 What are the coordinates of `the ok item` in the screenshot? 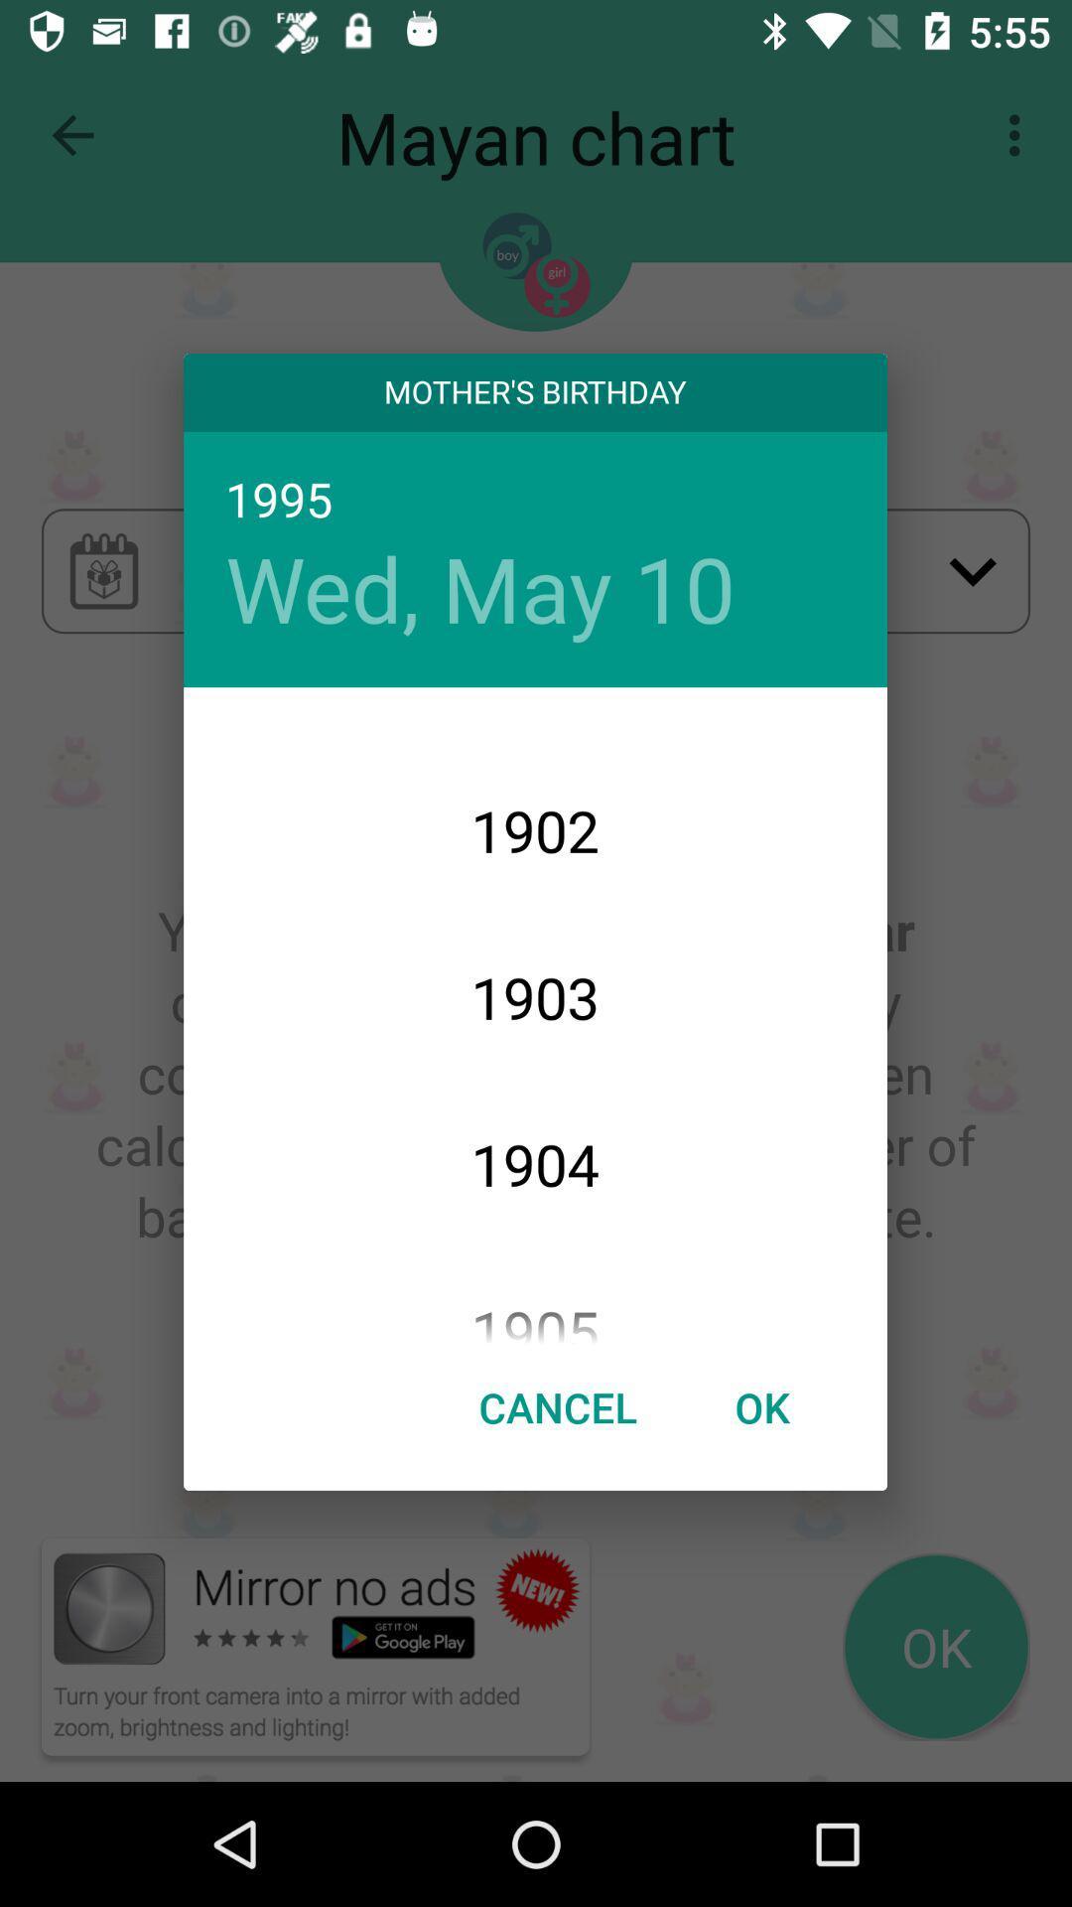 It's located at (760, 1405).